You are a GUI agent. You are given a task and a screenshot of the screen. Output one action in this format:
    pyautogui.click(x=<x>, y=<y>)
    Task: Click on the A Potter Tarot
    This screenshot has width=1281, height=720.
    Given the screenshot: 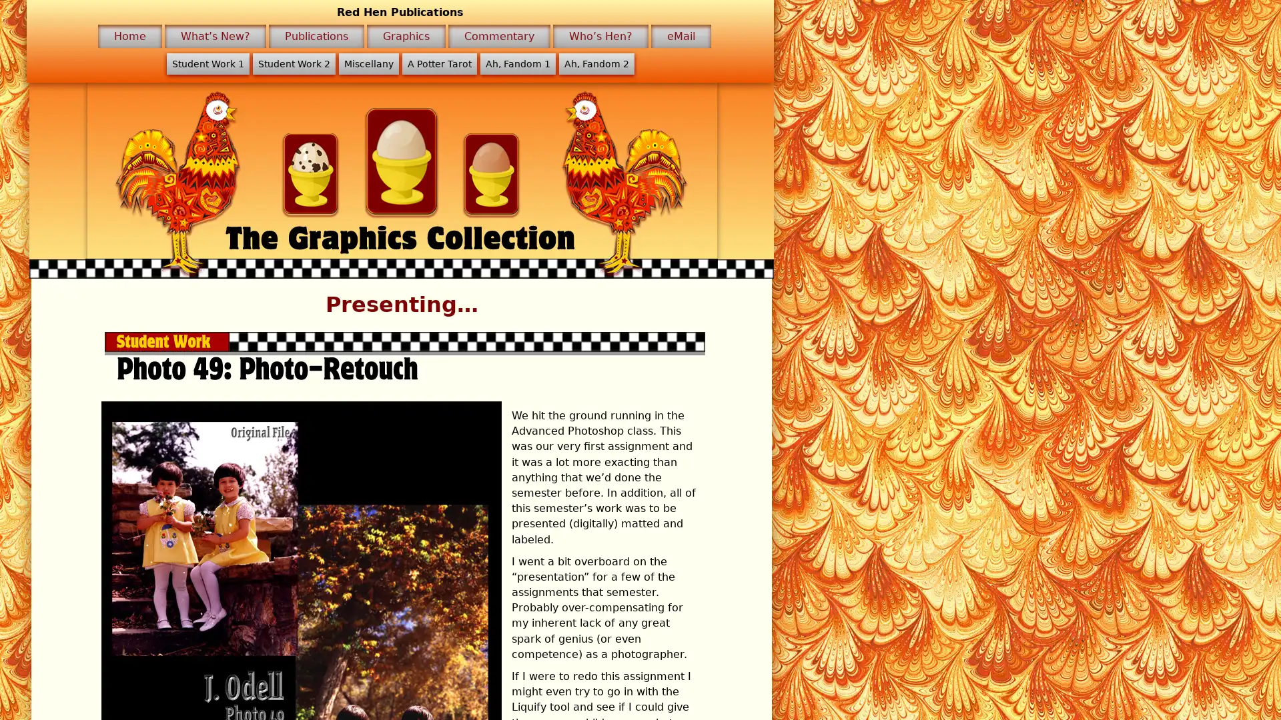 What is the action you would take?
    pyautogui.click(x=438, y=64)
    